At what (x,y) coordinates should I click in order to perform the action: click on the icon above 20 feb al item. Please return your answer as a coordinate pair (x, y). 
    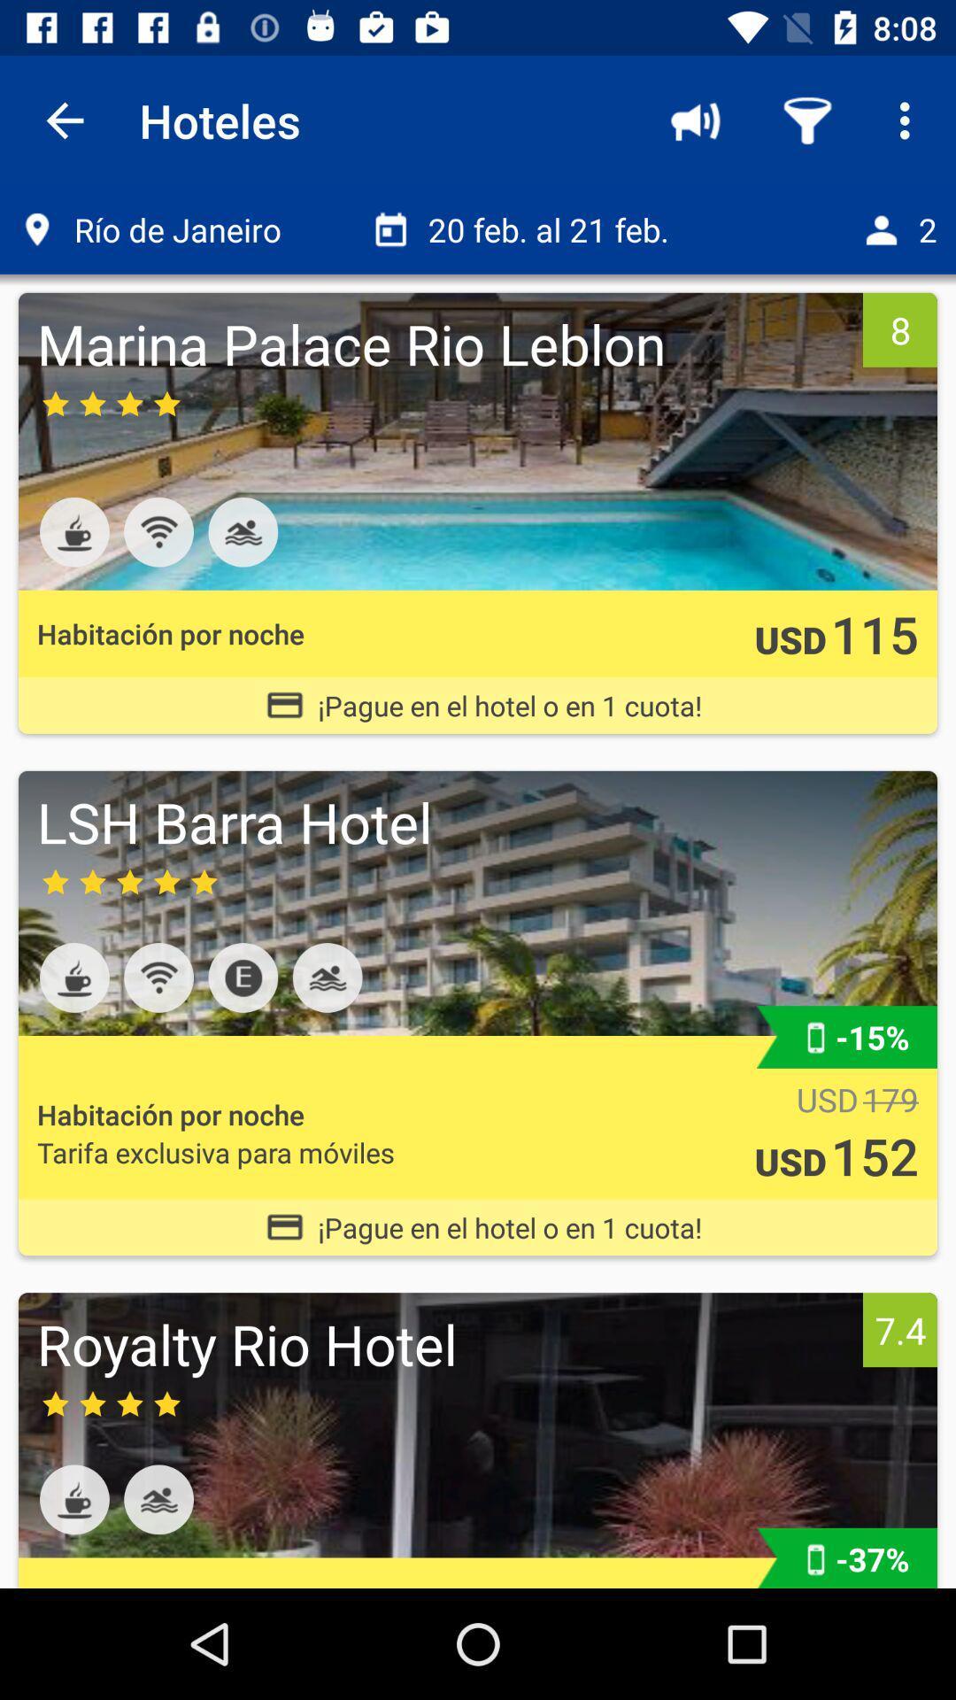
    Looking at the image, I should click on (695, 120).